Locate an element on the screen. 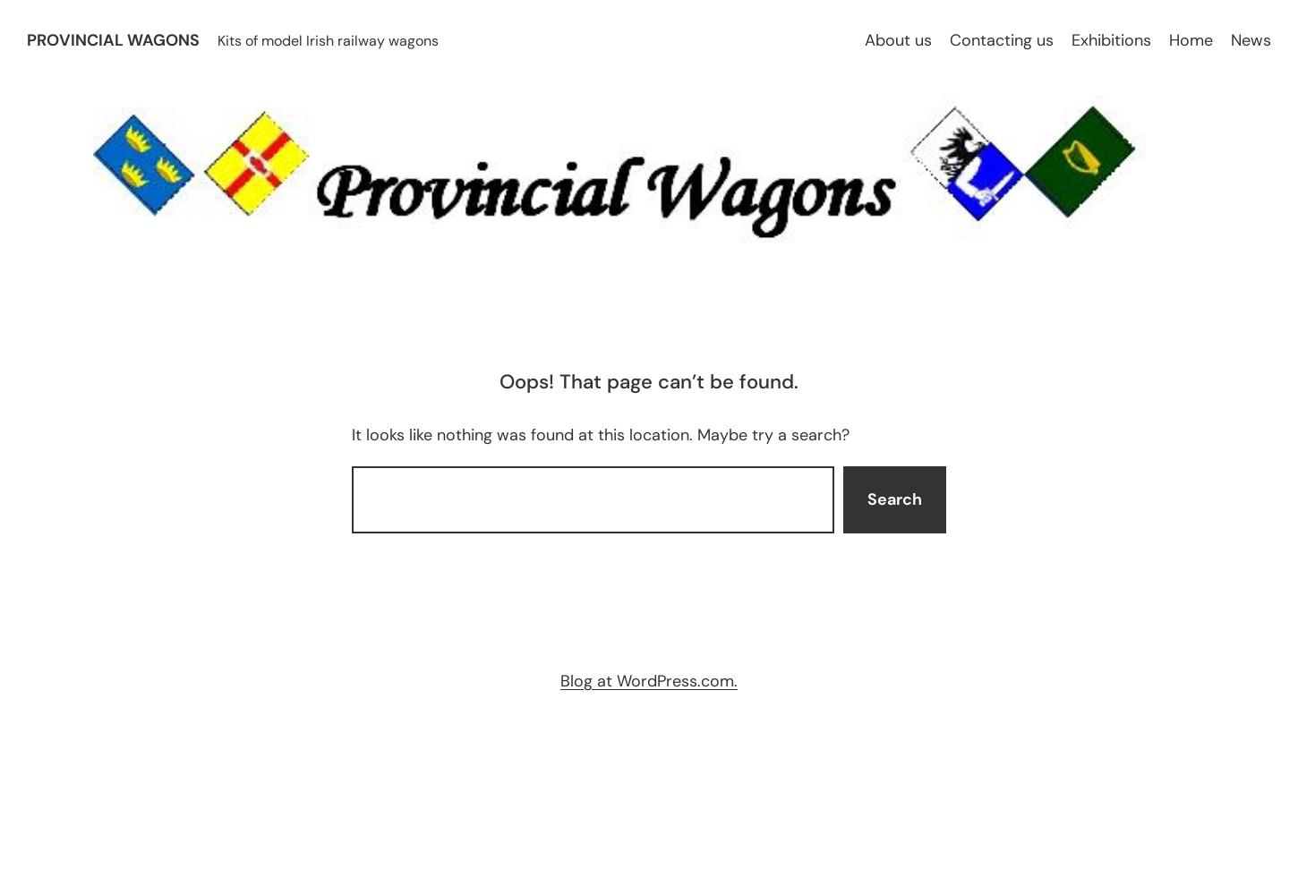  'About us' is located at coordinates (898, 40).